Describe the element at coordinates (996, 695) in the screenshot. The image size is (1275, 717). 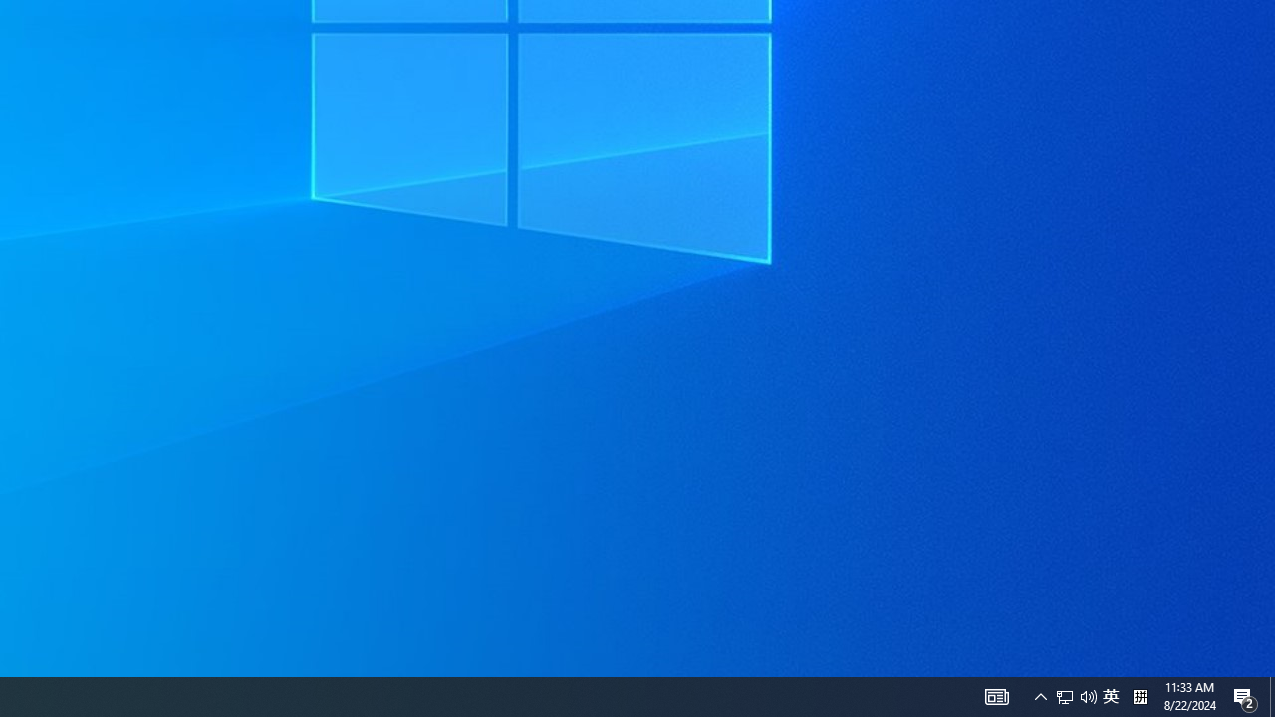
I see `'AutomationID: 4105'` at that location.